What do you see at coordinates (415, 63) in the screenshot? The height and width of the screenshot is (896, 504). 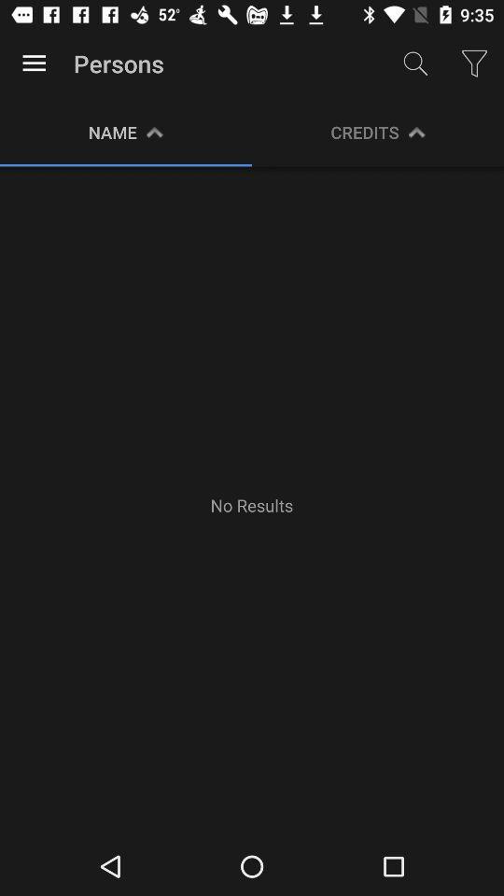 I see `the item above credits icon` at bounding box center [415, 63].